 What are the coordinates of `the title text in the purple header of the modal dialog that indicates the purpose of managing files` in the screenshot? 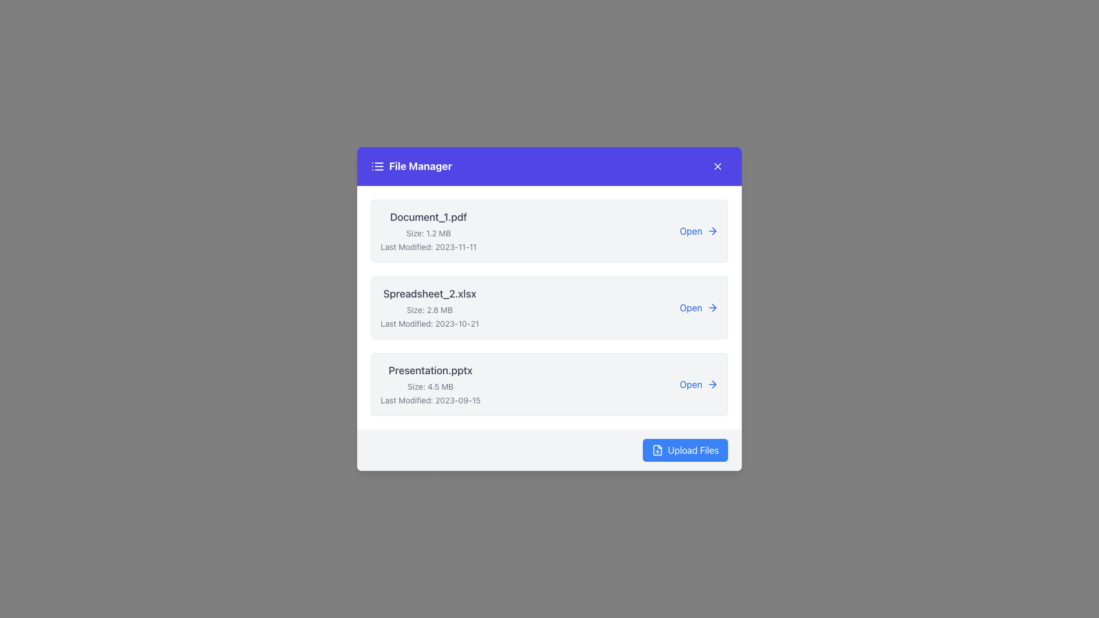 It's located at (412, 166).